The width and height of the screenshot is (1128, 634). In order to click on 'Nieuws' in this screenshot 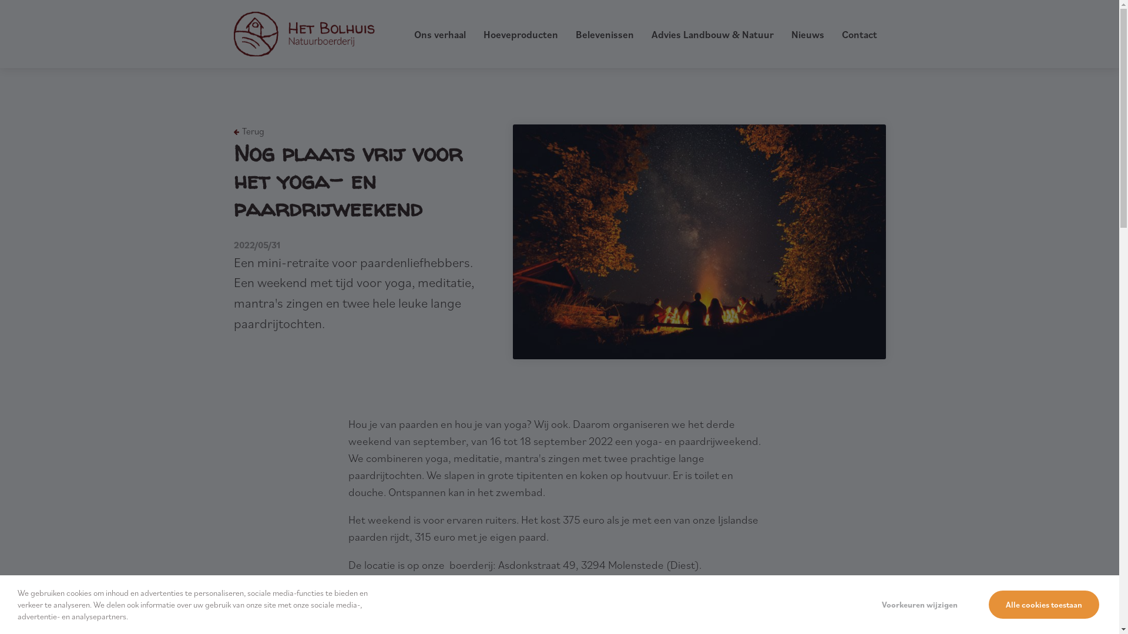, I will do `click(806, 33)`.